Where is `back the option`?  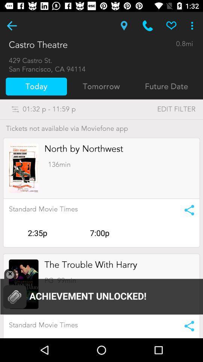 back the option is located at coordinates (11, 26).